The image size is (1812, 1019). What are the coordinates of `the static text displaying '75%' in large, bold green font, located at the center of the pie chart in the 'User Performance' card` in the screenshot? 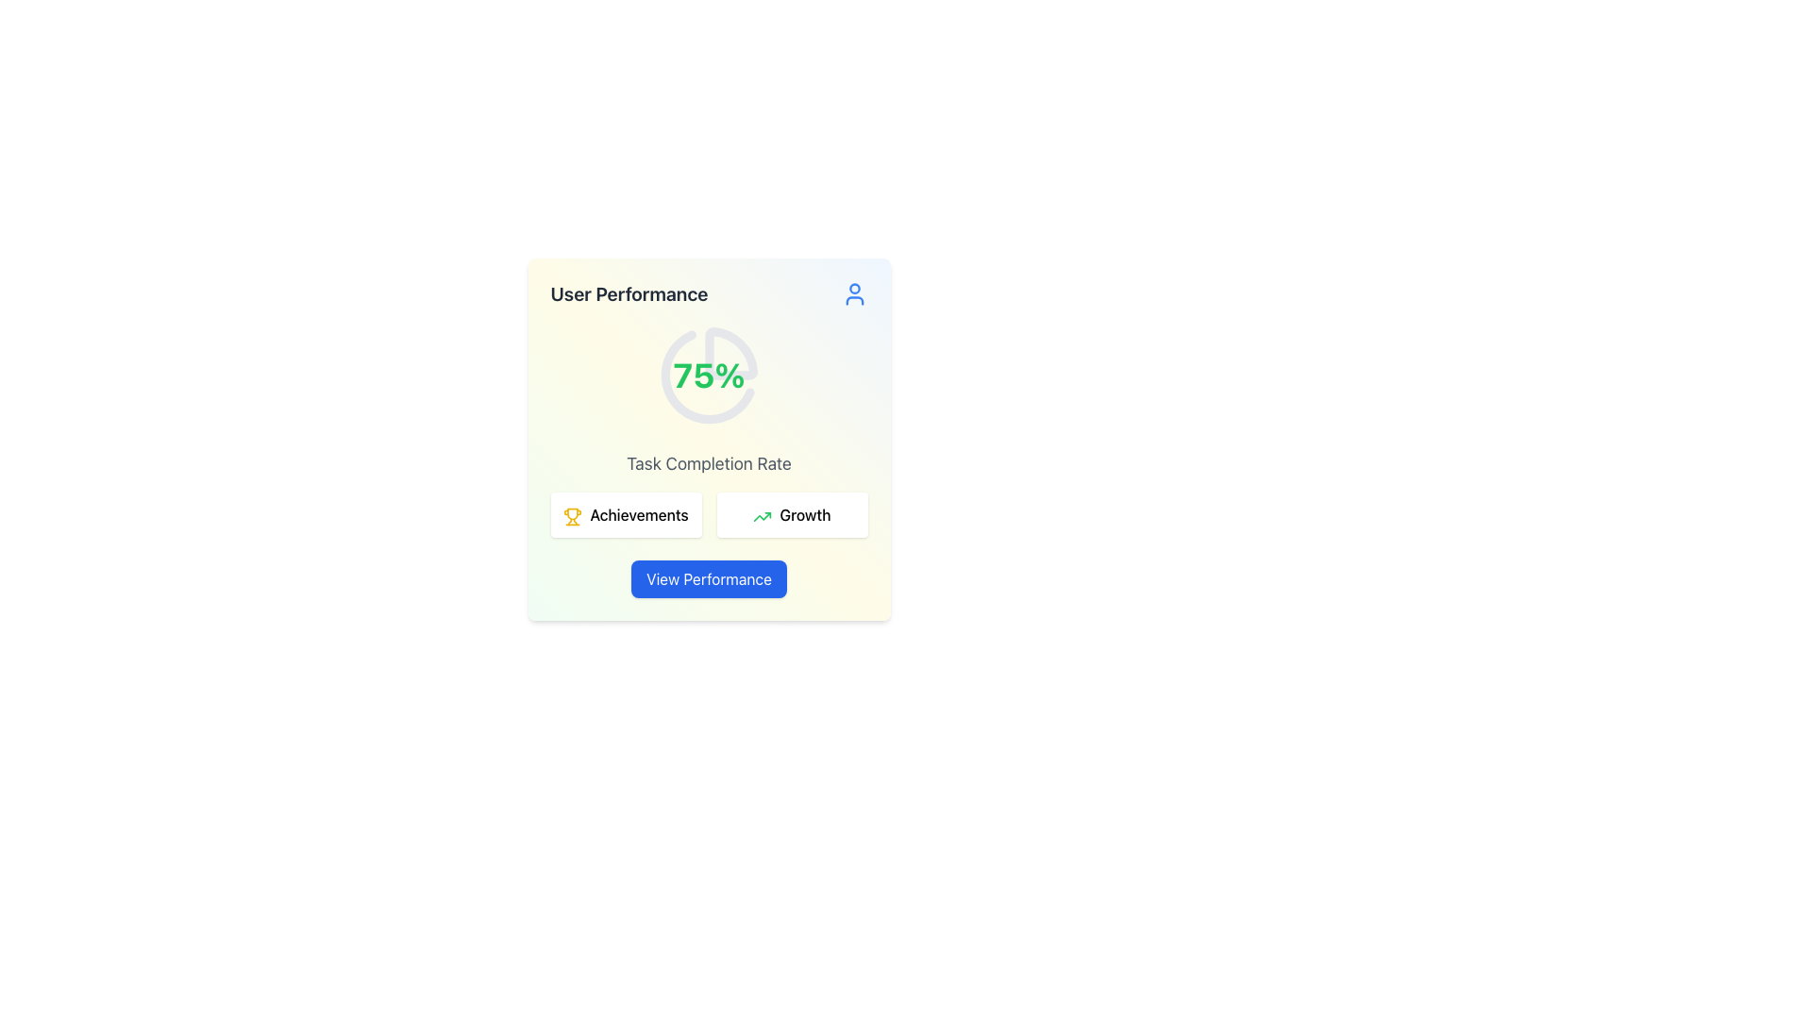 It's located at (708, 375).